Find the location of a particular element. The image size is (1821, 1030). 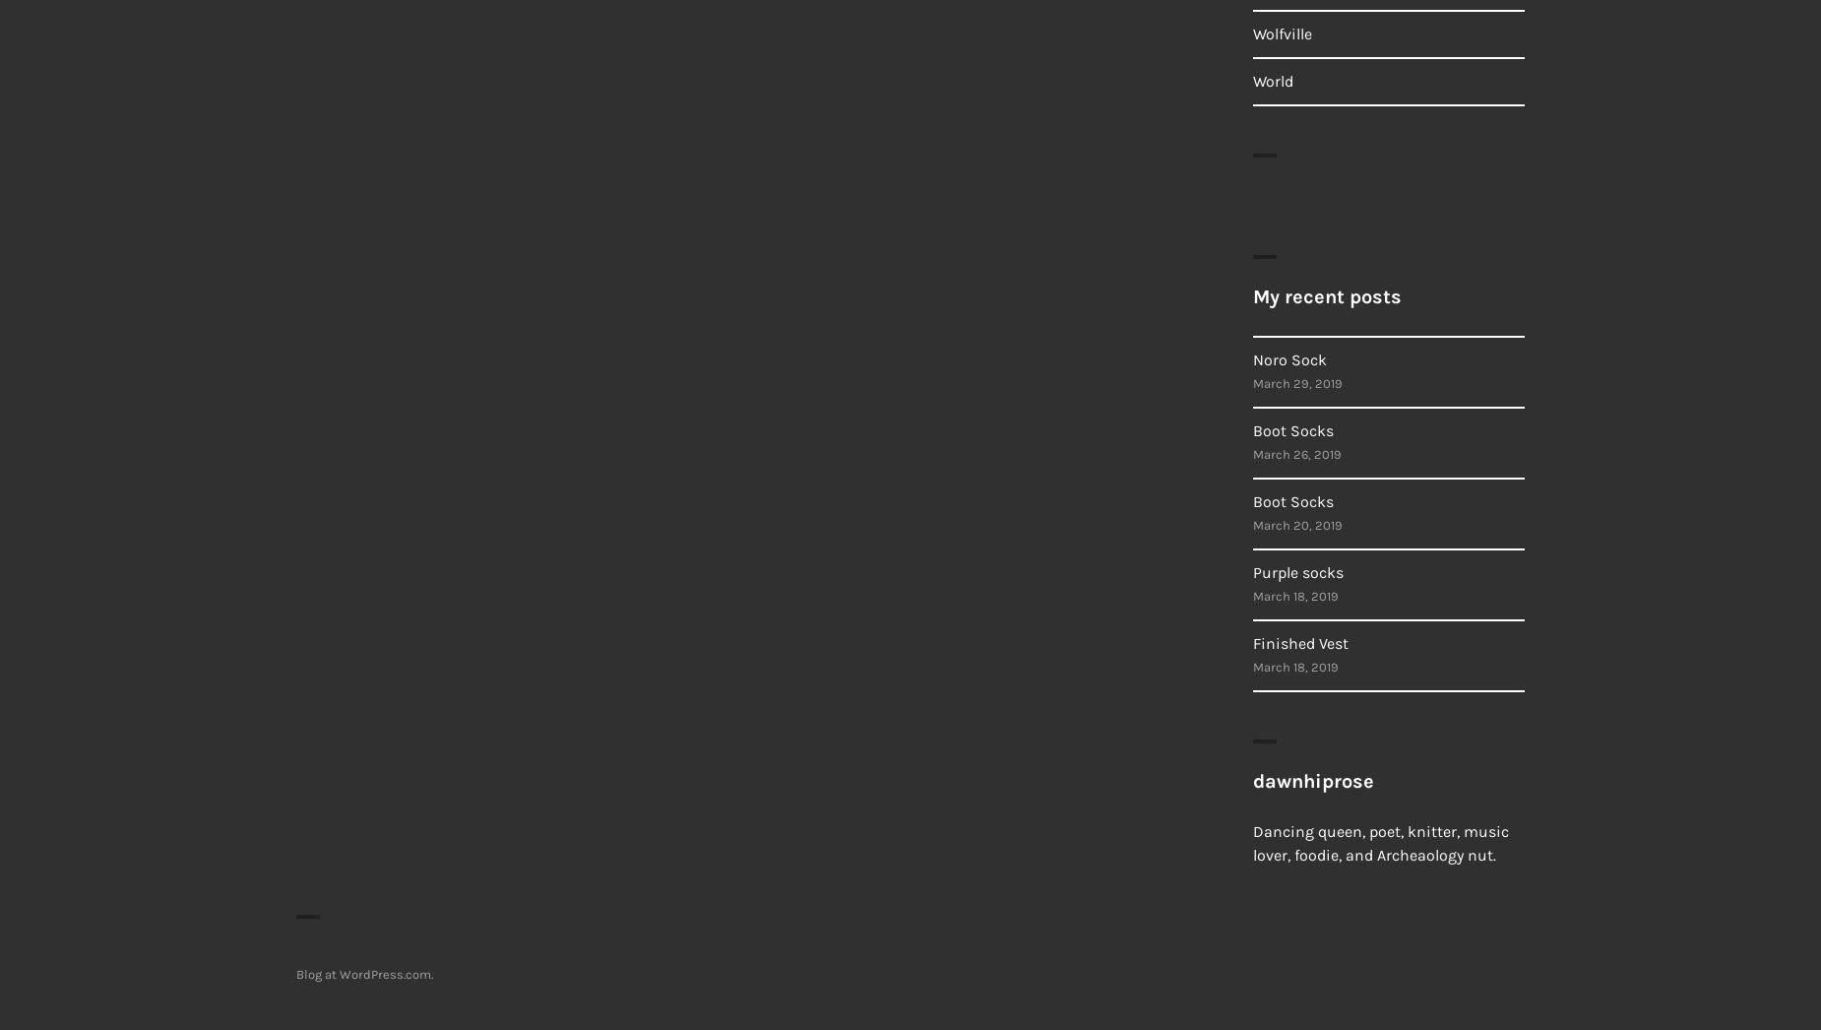

'Wolfville' is located at coordinates (1251, 32).